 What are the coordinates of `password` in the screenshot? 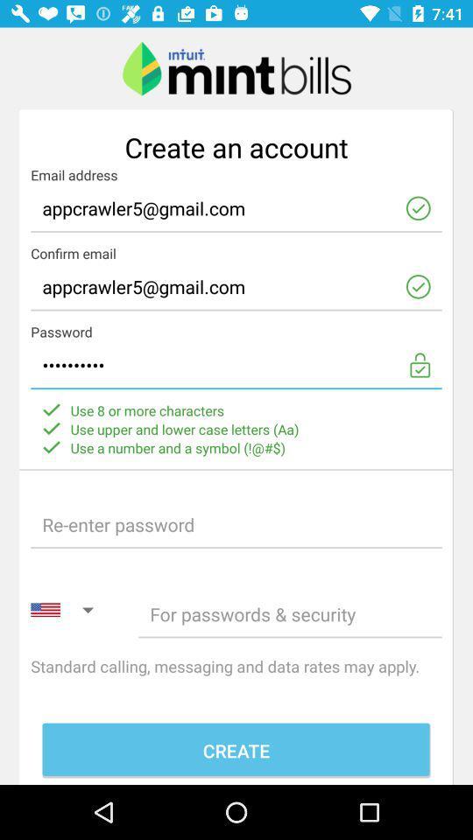 It's located at (236, 524).